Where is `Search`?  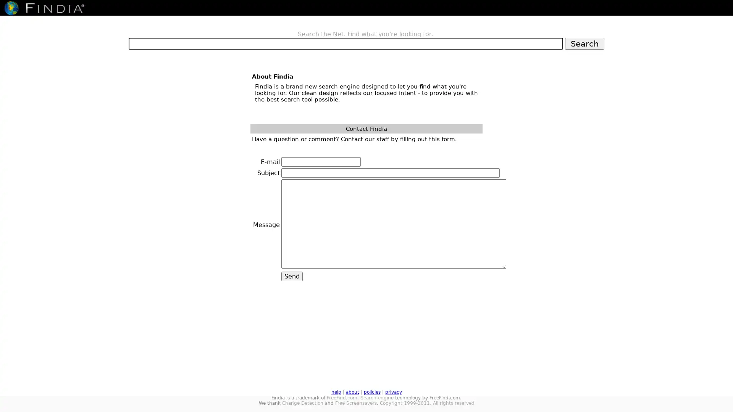
Search is located at coordinates (584, 43).